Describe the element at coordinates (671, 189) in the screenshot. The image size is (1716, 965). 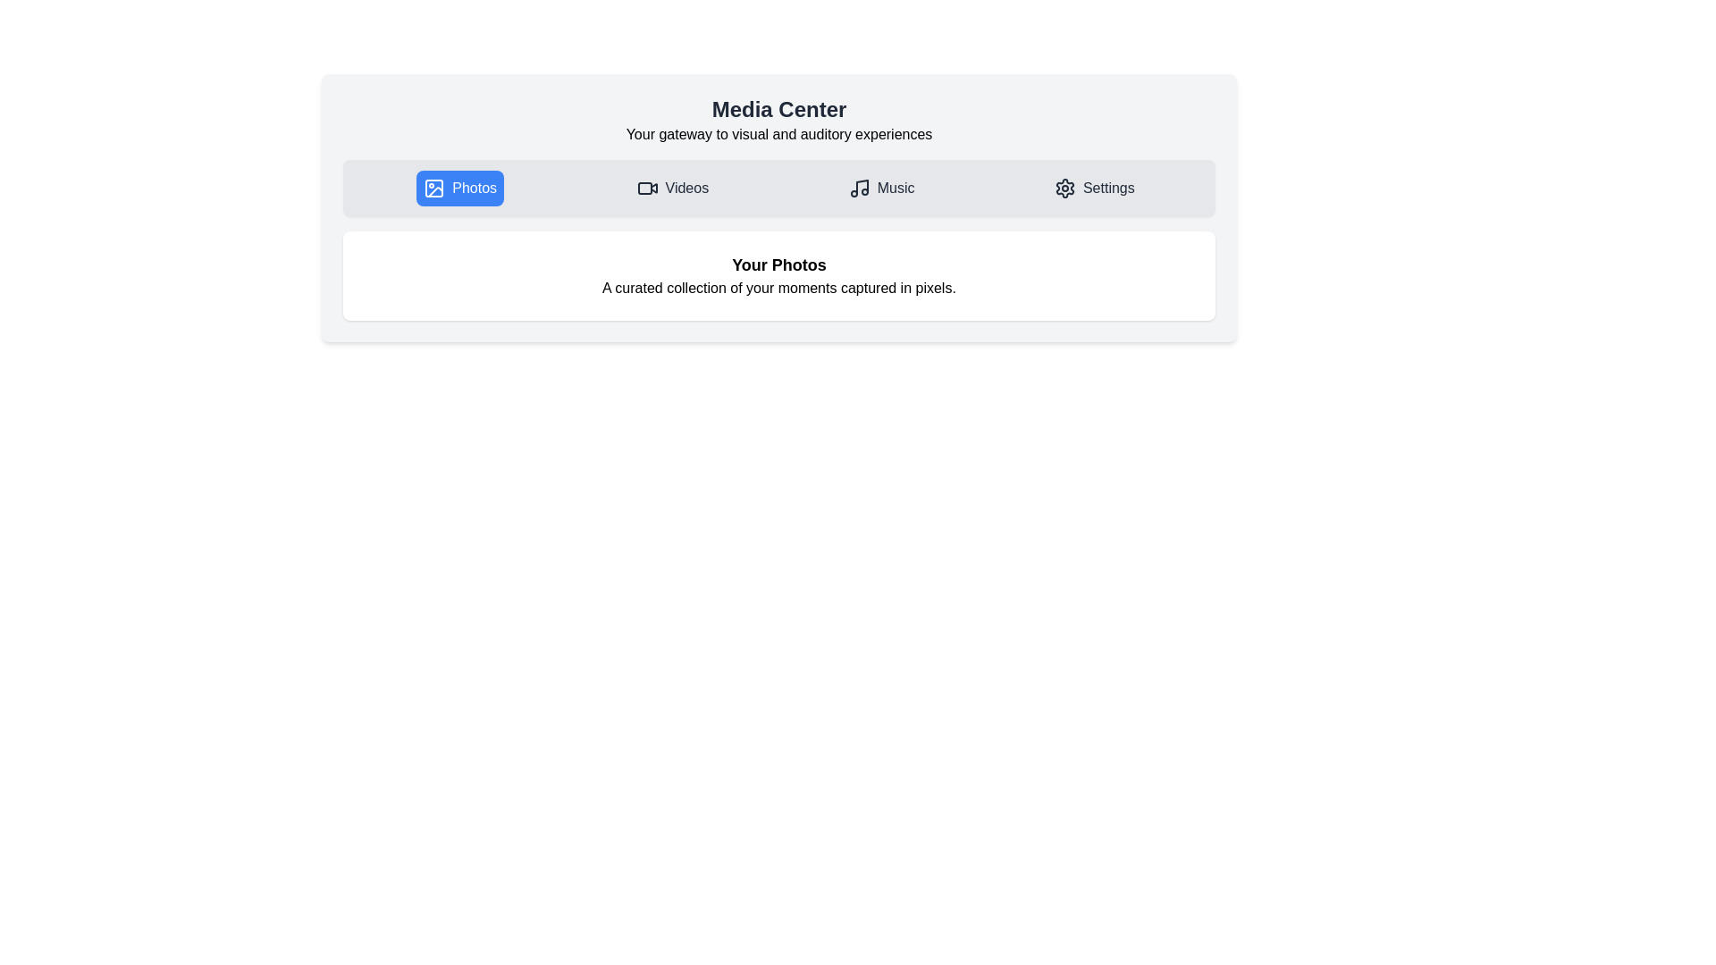
I see `the 'Videos' tab in the horizontal navigation bar` at that location.